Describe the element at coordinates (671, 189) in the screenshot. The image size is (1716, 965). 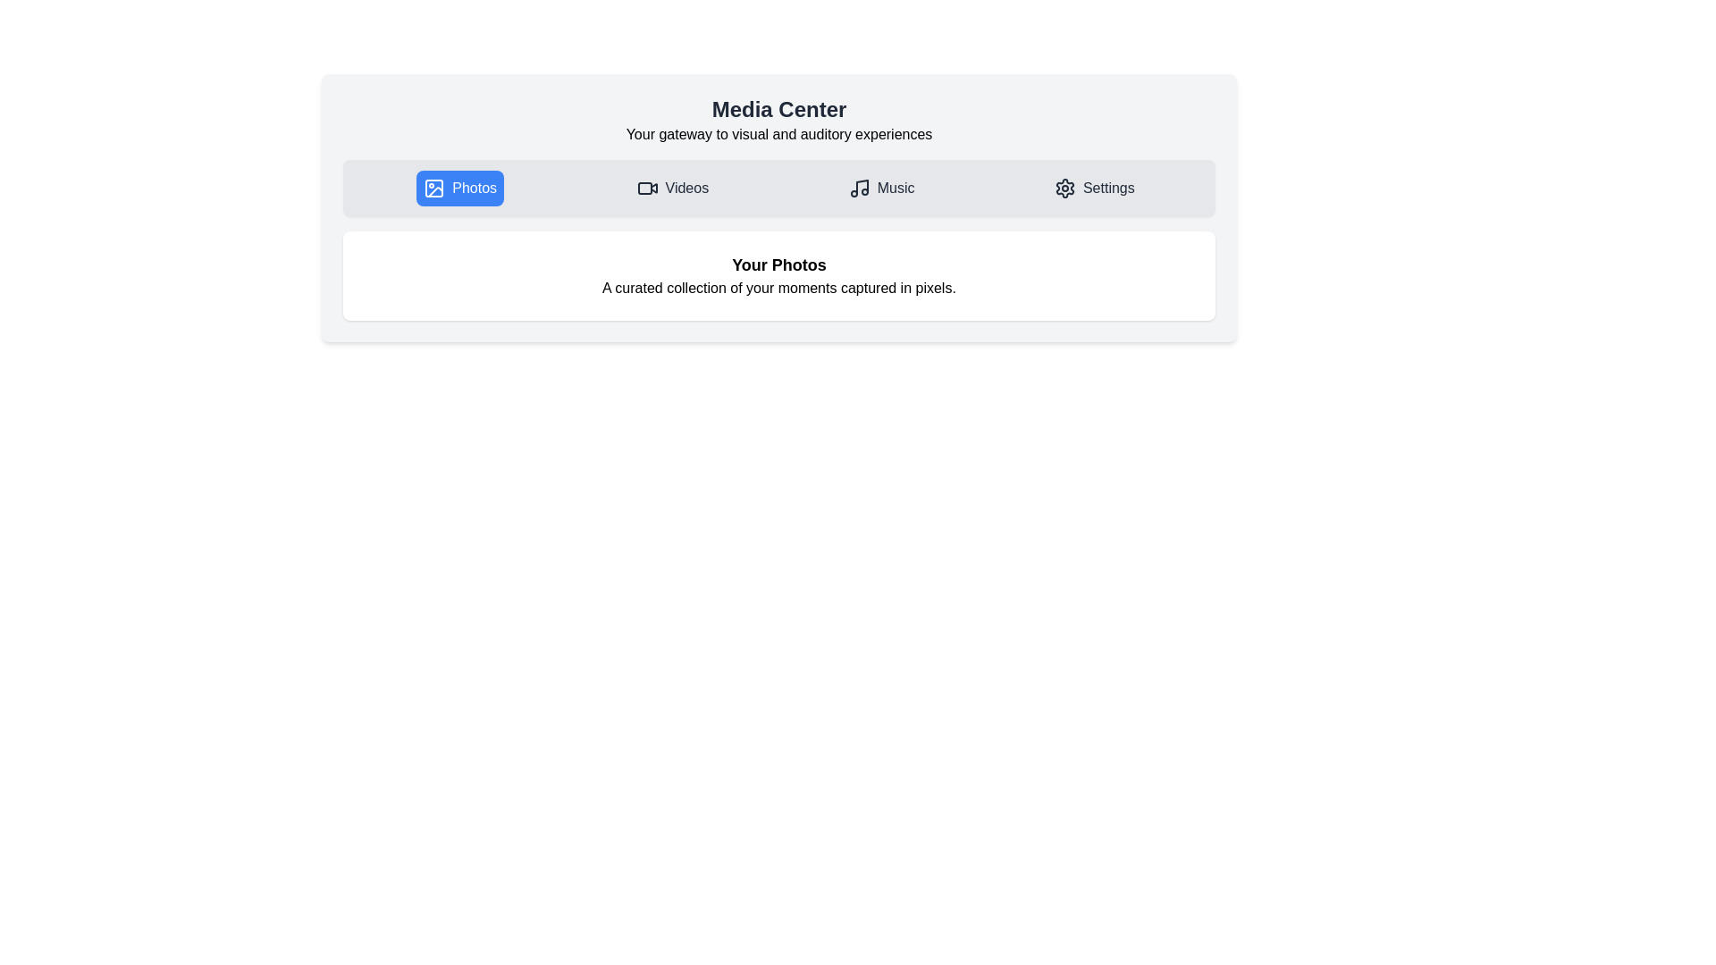
I see `the 'Videos' tab in the horizontal navigation bar` at that location.